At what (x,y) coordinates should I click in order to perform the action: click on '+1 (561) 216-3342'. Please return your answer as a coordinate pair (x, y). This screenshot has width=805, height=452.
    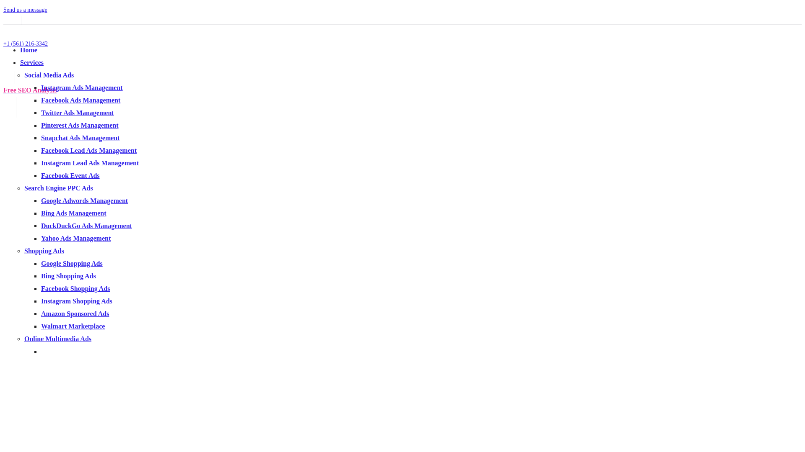
    Looking at the image, I should click on (26, 44).